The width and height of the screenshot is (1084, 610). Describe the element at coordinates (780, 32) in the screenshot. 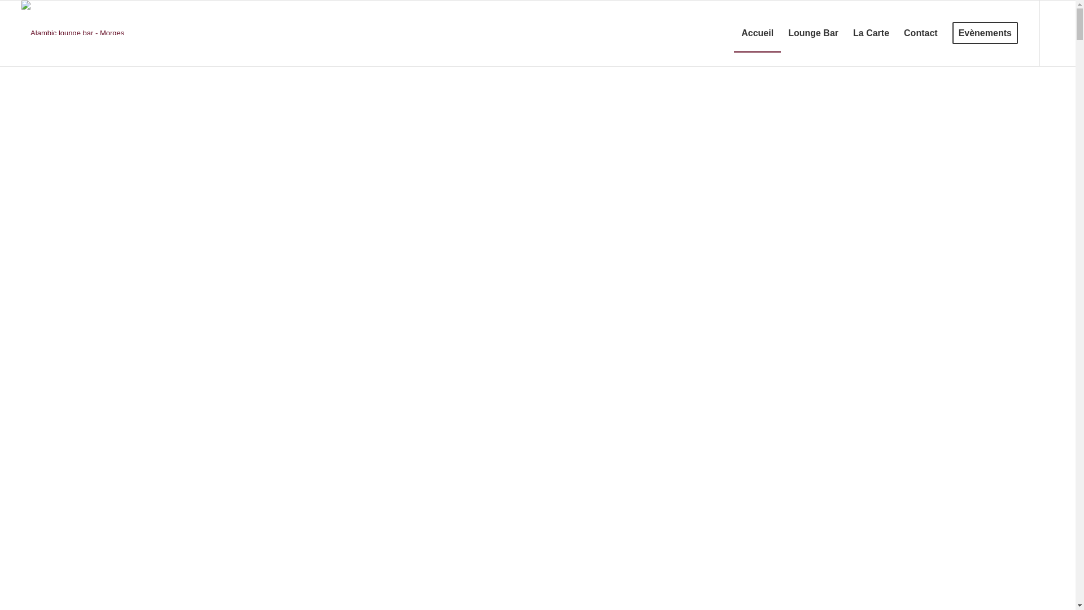

I see `'Lounge Bar'` at that location.